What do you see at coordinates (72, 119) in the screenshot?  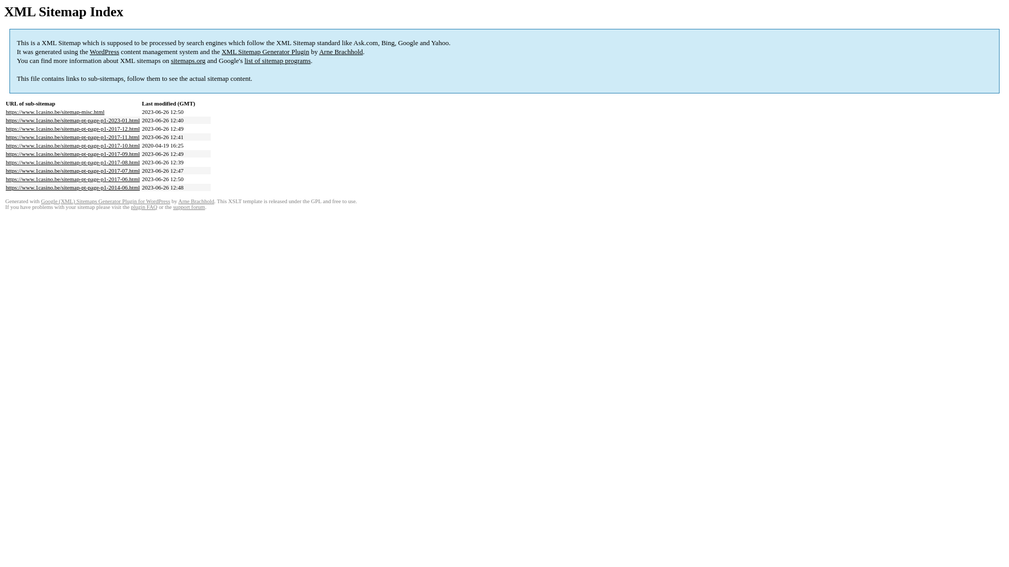 I see `'https://www.1casino.be/sitemap-pt-page-p1-2023-01.html'` at bounding box center [72, 119].